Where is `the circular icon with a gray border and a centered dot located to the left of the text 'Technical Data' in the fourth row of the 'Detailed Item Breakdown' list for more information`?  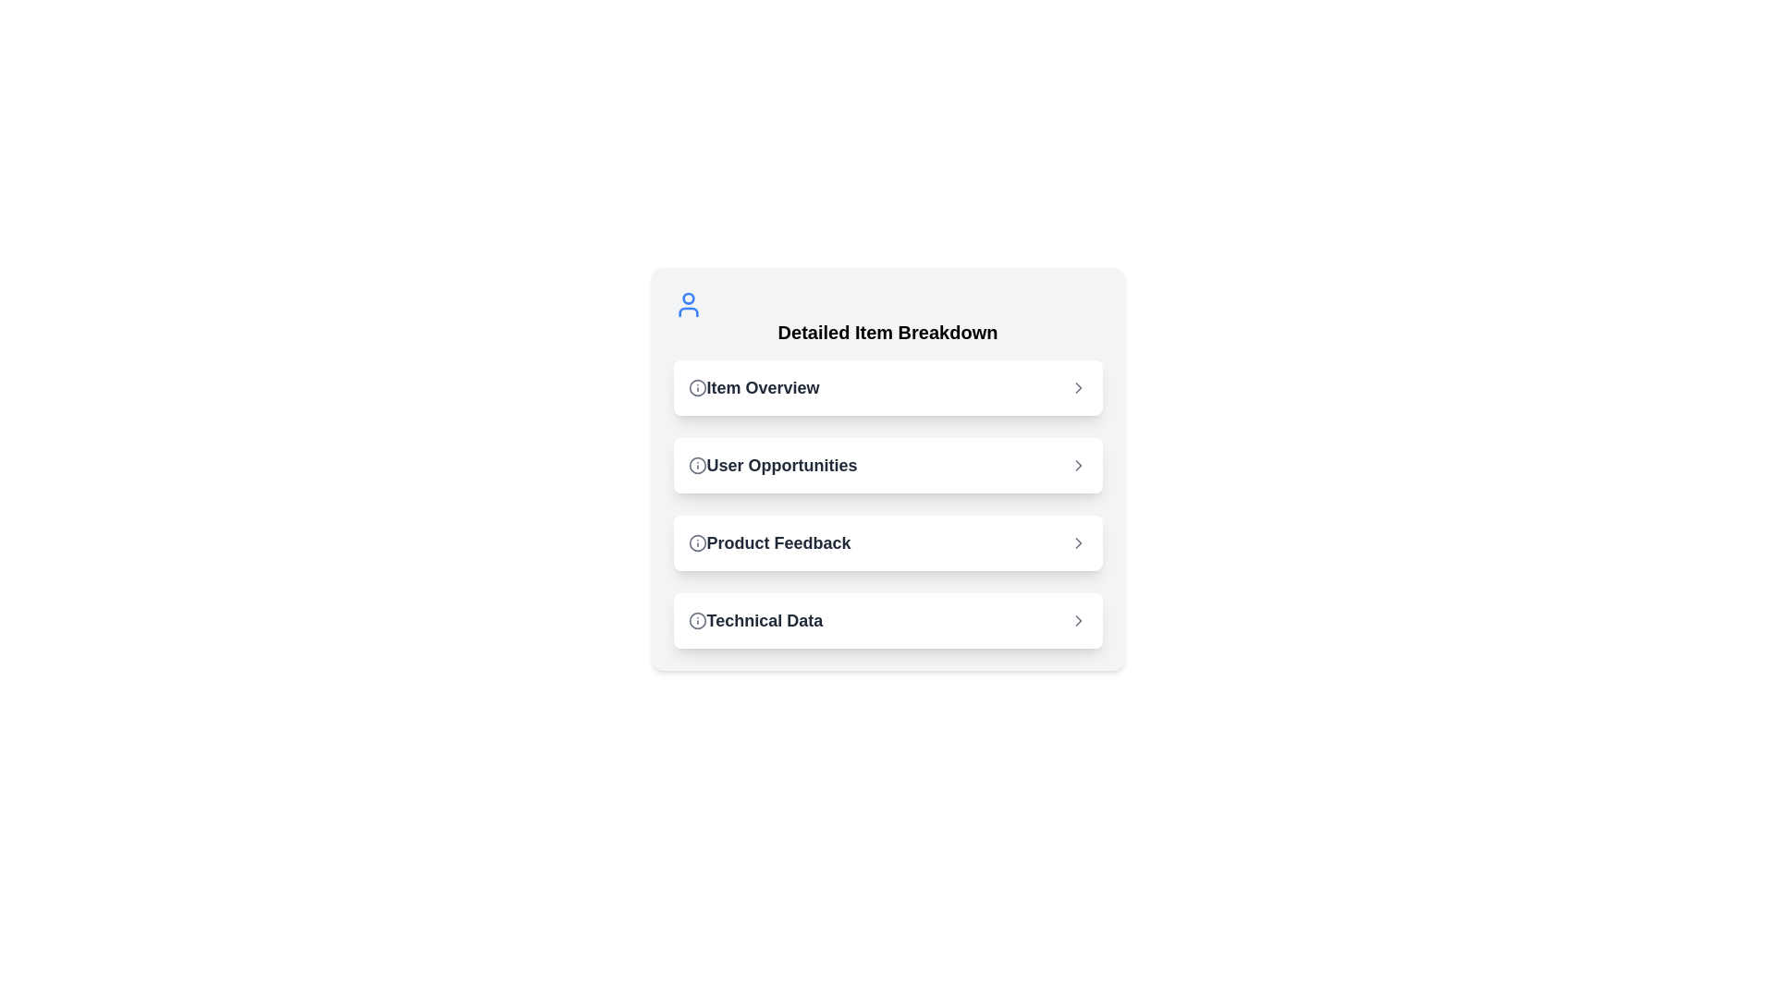 the circular icon with a gray border and a centered dot located to the left of the text 'Technical Data' in the fourth row of the 'Detailed Item Breakdown' list for more information is located at coordinates (696, 620).